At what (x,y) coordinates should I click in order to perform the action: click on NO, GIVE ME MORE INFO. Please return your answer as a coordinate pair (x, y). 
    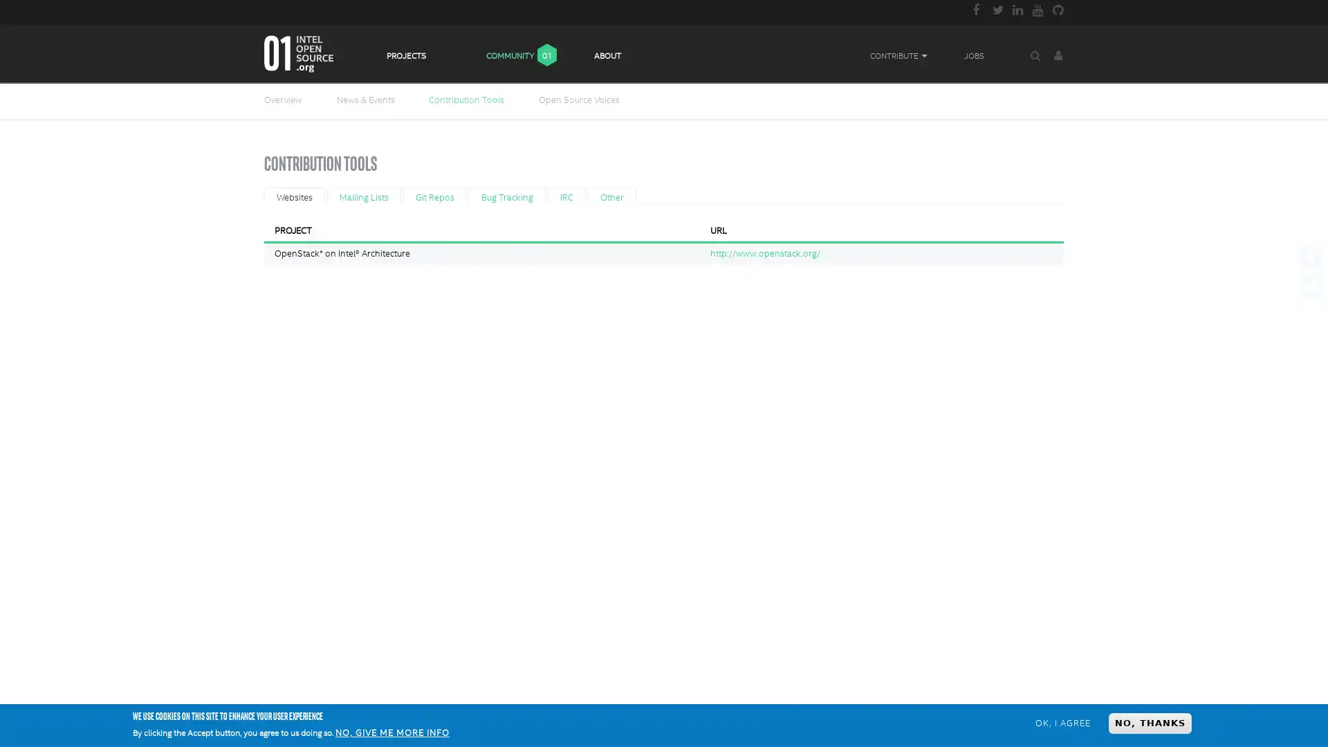
    Looking at the image, I should click on (391, 732).